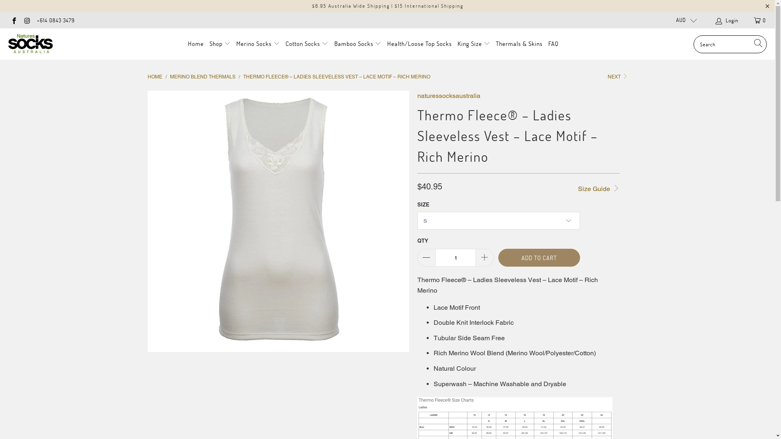 The image size is (781, 439). I want to click on 'Merino Socks', so click(257, 44).